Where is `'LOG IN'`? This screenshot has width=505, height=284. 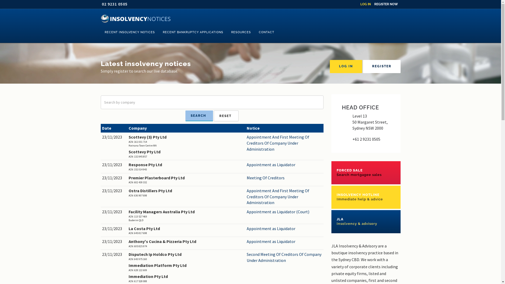 'LOG IN' is located at coordinates (365, 4).